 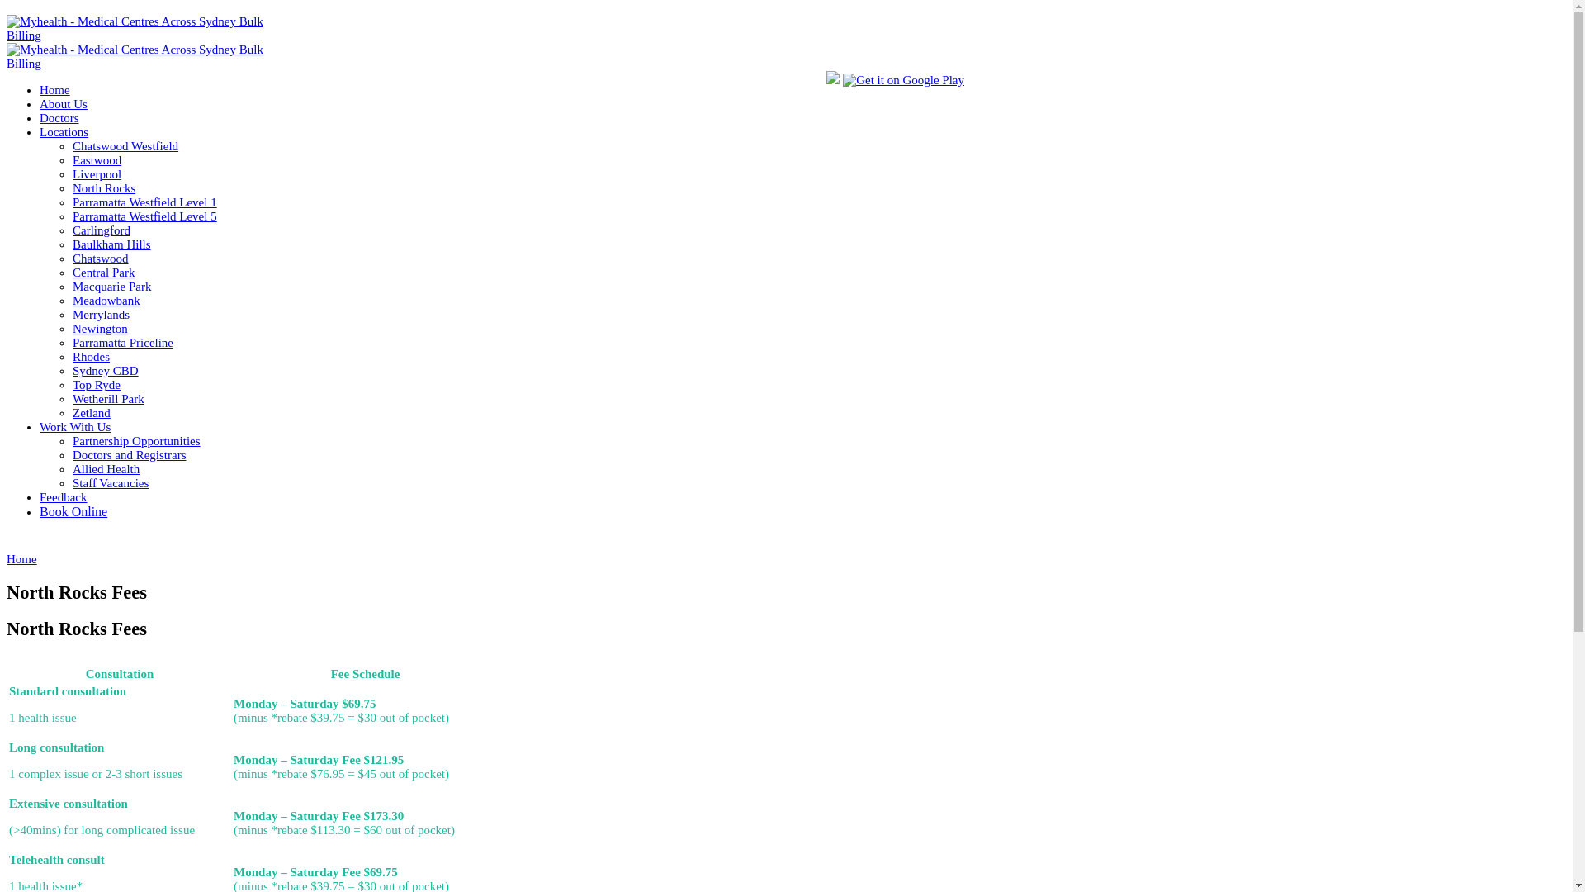 I want to click on 'Central Park', so click(x=102, y=272).